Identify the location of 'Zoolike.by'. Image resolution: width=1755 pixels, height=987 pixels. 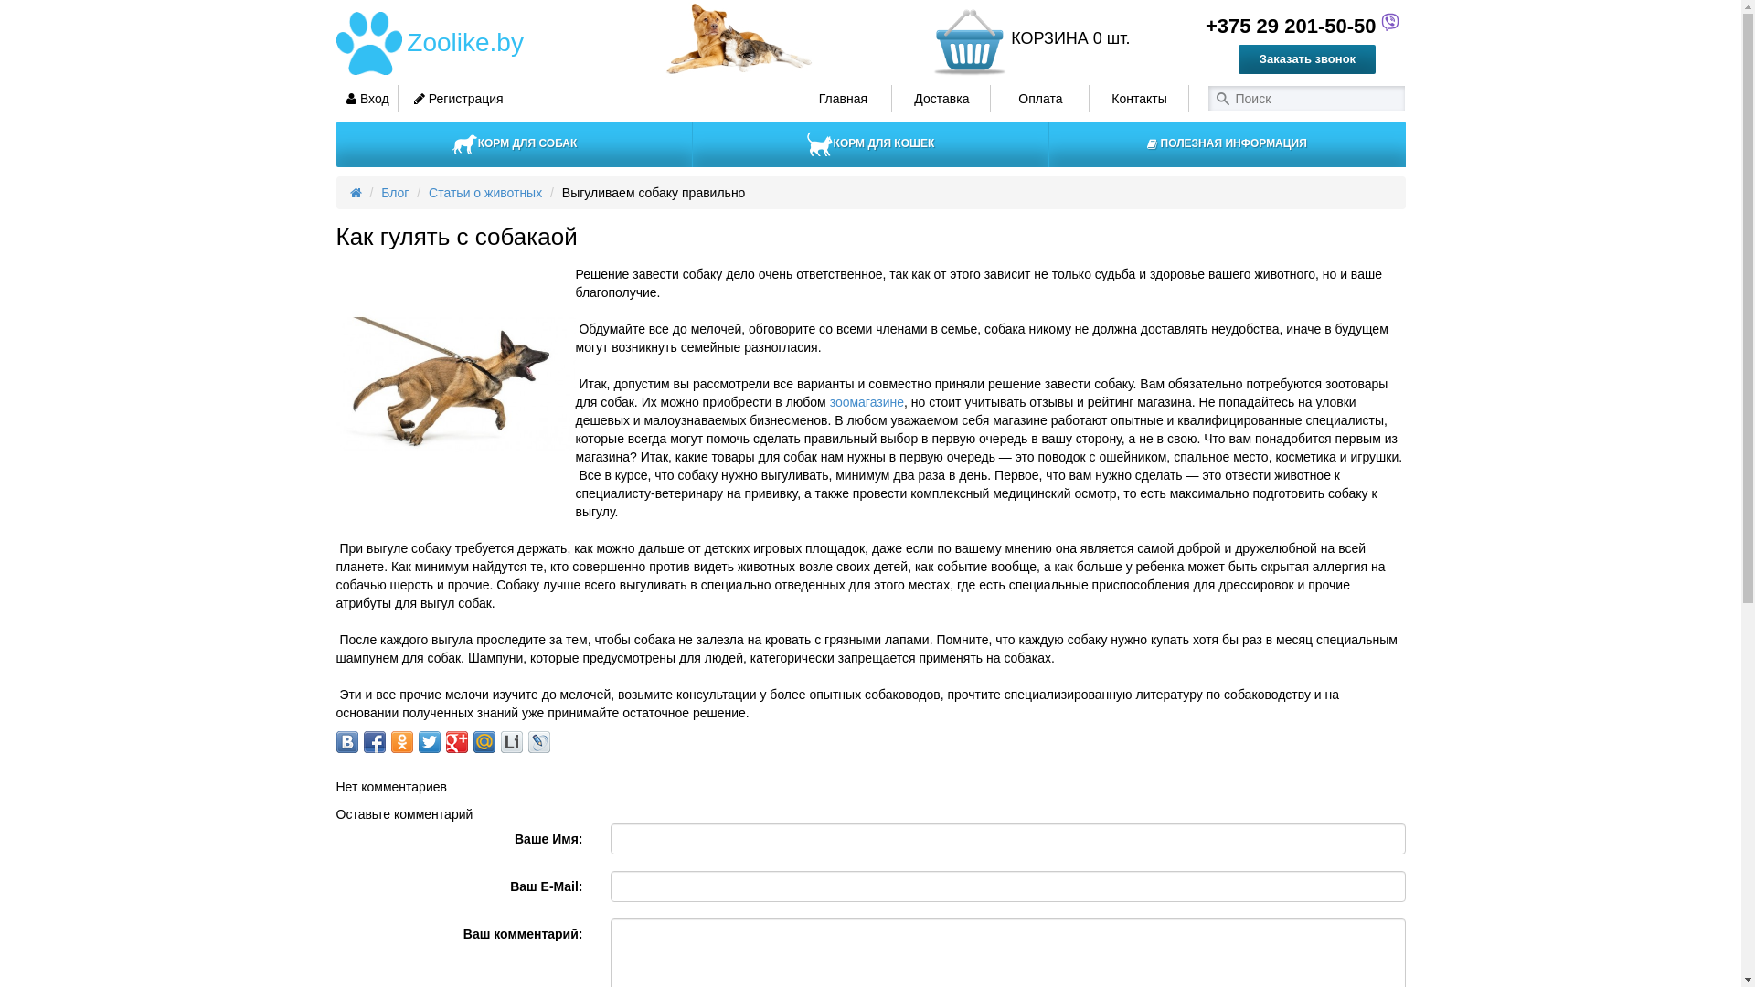
(463, 41).